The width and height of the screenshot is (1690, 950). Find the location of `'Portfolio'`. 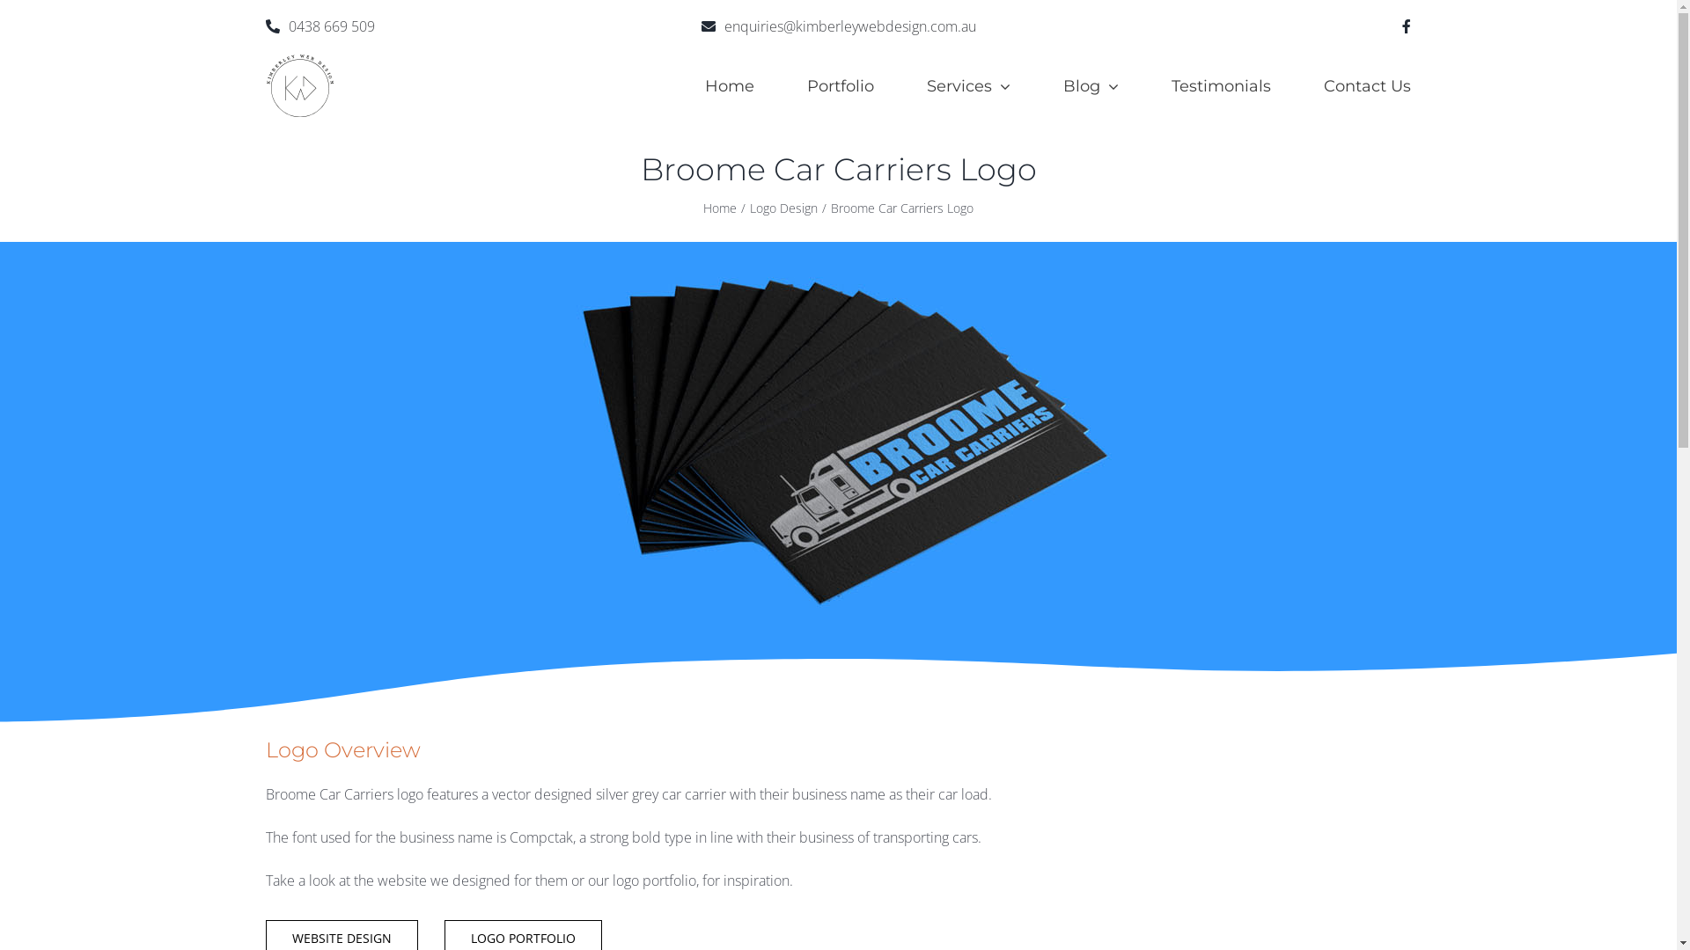

'Portfolio' is located at coordinates (840, 85).